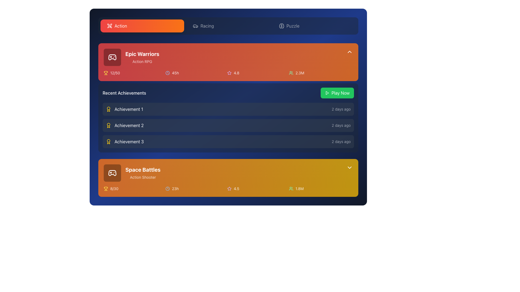 Image resolution: width=520 pixels, height=292 pixels. What do you see at coordinates (341, 109) in the screenshot?
I see `the Text element that conveys the time since the action or achievement occurred, located on the right side of the 'Recent Achievements' list` at bounding box center [341, 109].